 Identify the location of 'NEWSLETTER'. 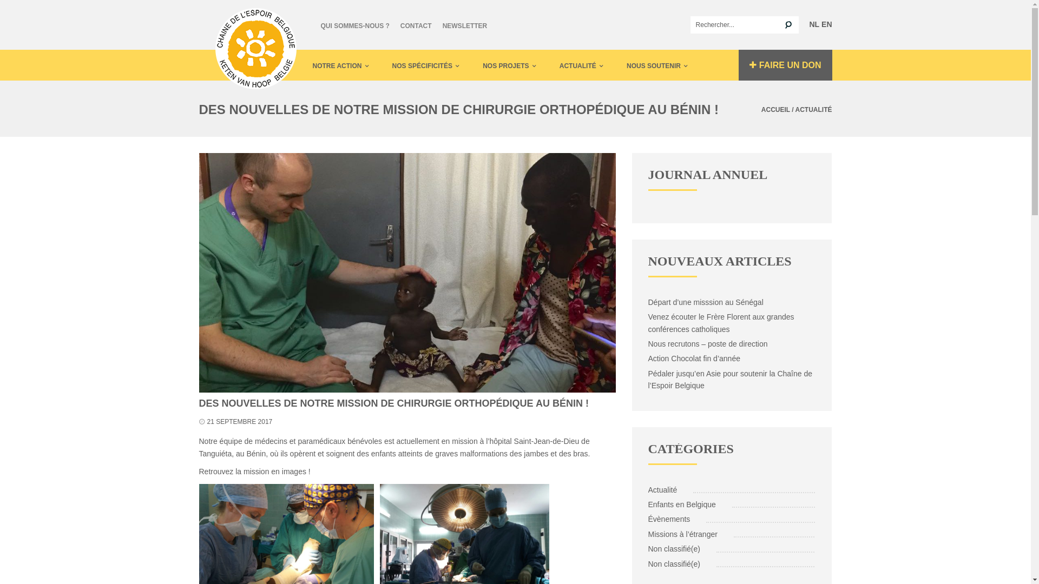
(465, 24).